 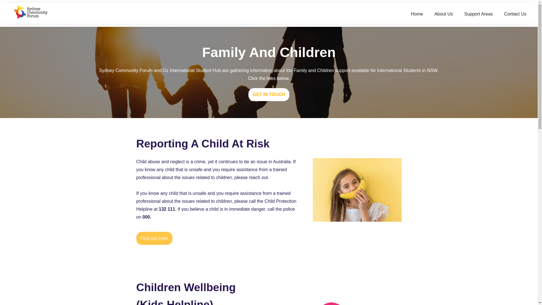 I want to click on 'About Us', so click(x=429, y=14).